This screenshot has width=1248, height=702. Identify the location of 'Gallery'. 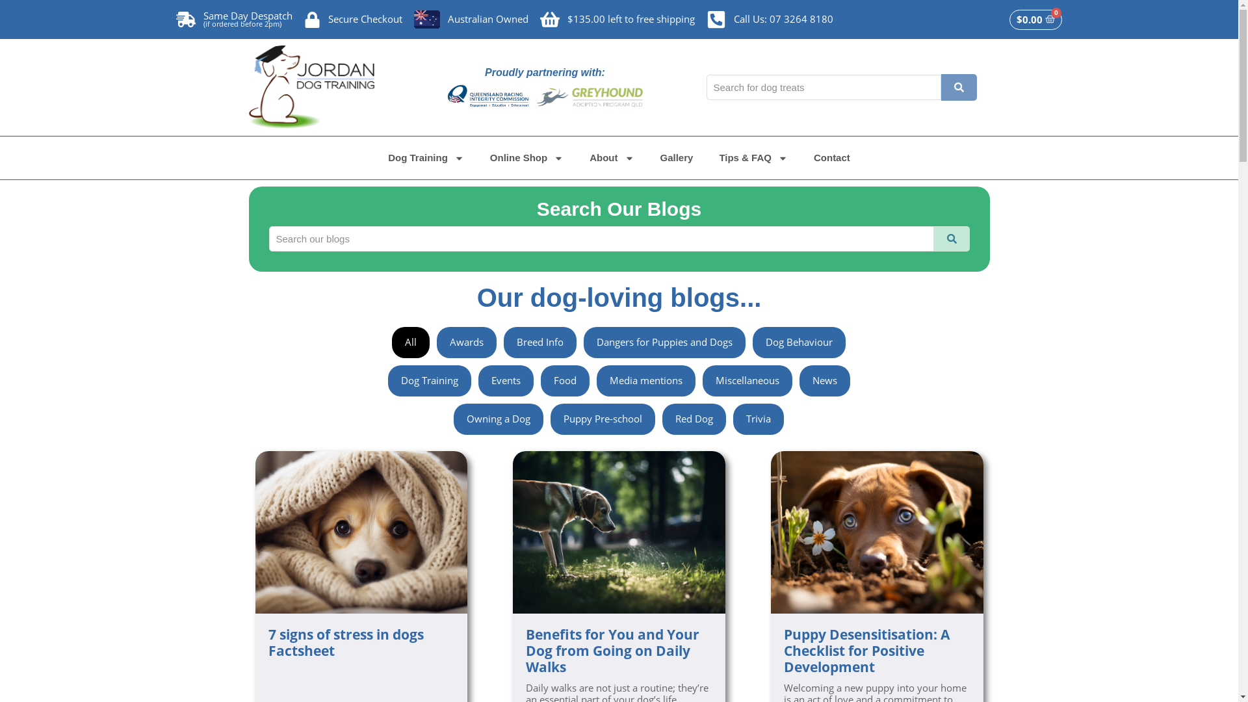
(676, 157).